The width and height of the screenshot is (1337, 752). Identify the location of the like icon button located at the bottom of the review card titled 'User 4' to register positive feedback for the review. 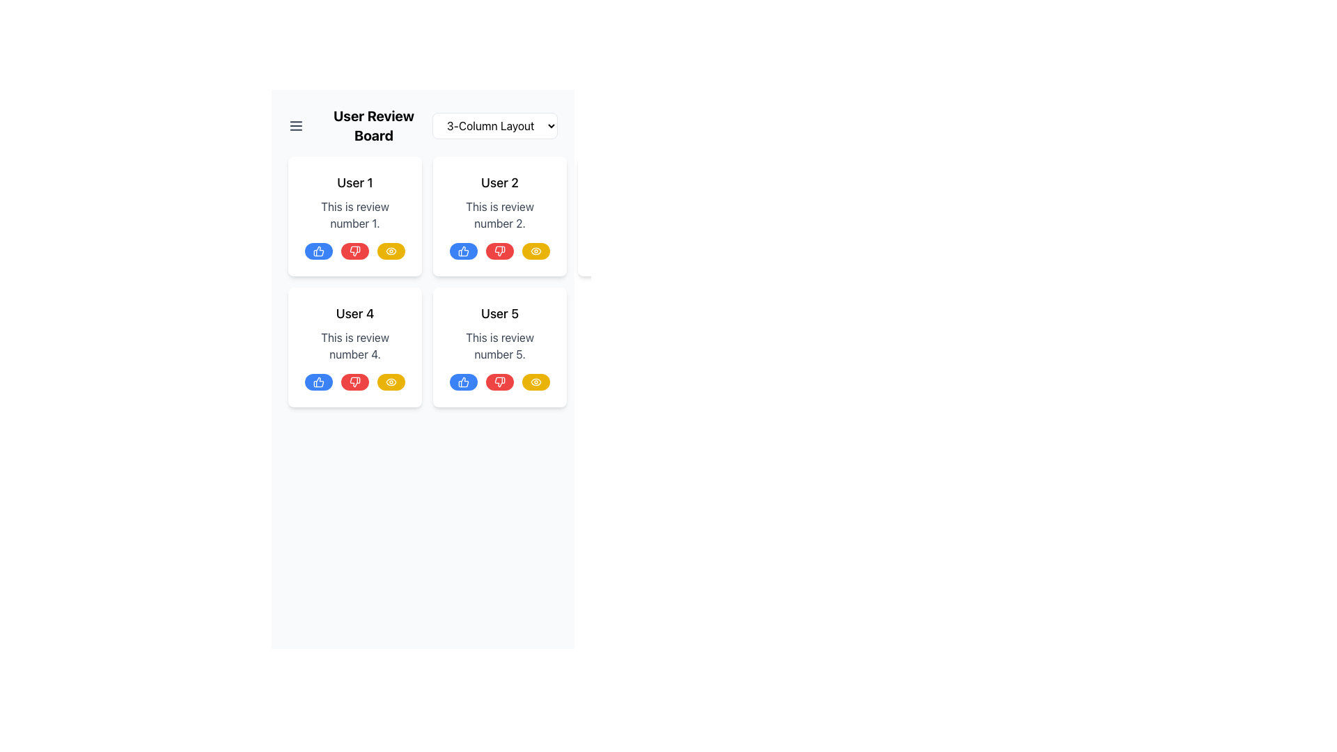
(464, 382).